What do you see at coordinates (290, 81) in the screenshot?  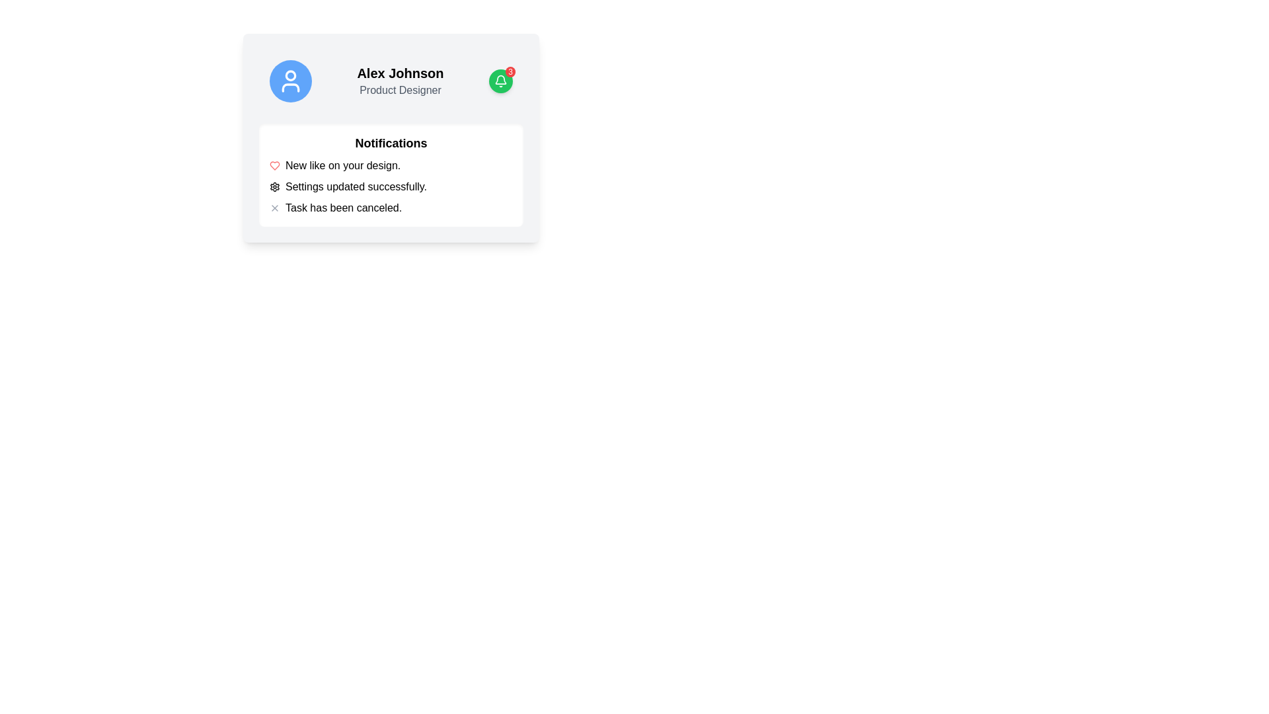 I see `the circular Profile Icon with a blue background and a white user symbol` at bounding box center [290, 81].